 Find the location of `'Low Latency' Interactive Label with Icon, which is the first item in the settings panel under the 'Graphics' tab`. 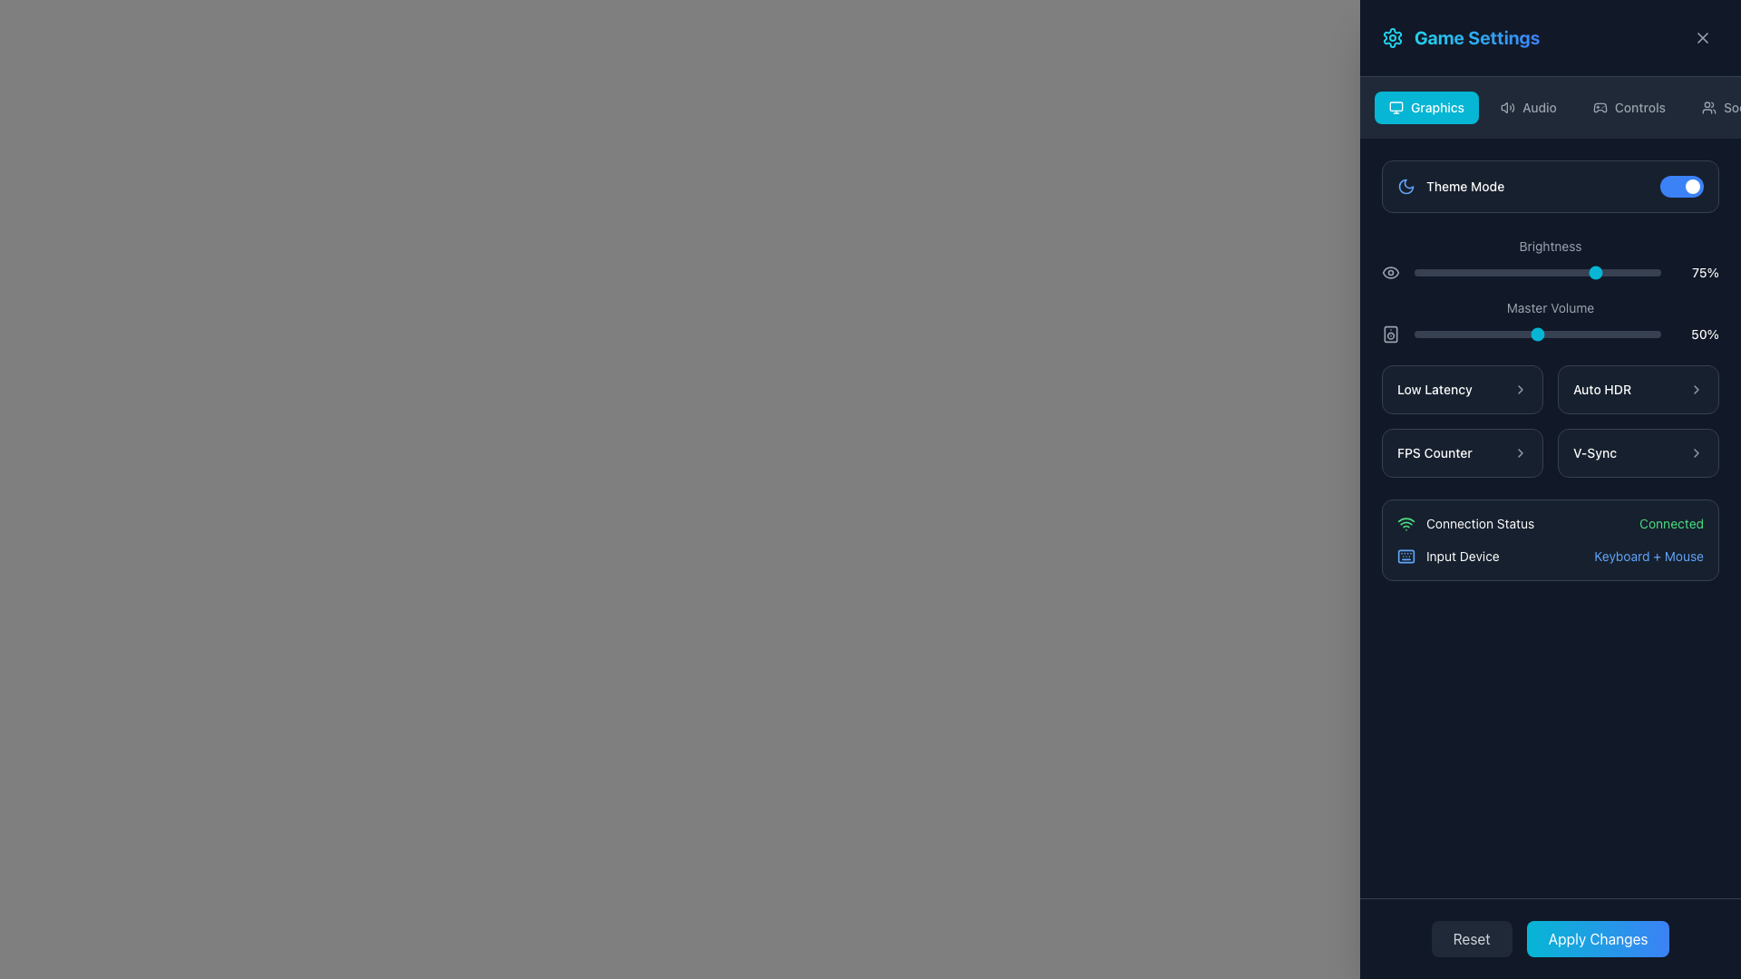

'Low Latency' Interactive Label with Icon, which is the first item in the settings panel under the 'Graphics' tab is located at coordinates (1462, 388).